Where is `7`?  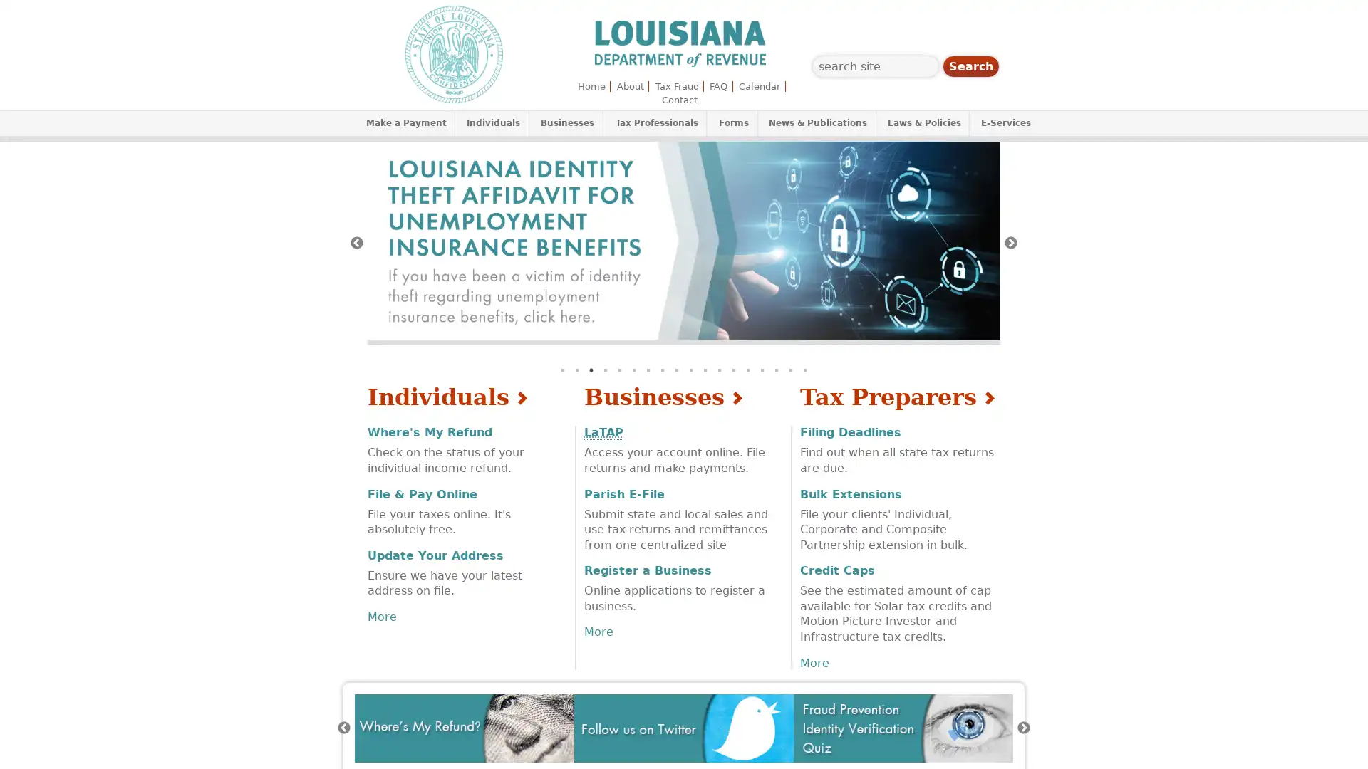
7 is located at coordinates (648, 370).